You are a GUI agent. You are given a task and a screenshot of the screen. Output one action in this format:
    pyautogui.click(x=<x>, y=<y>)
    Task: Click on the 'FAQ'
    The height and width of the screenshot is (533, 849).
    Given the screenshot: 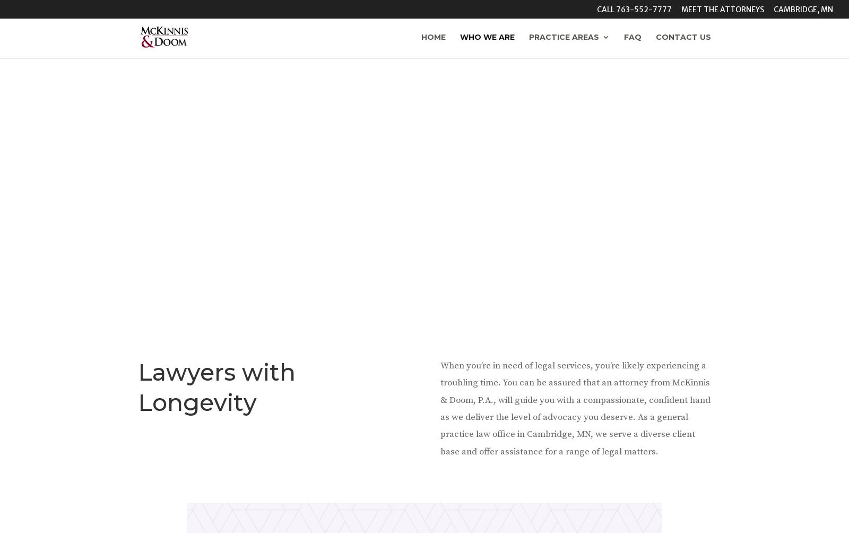 What is the action you would take?
    pyautogui.click(x=633, y=37)
    